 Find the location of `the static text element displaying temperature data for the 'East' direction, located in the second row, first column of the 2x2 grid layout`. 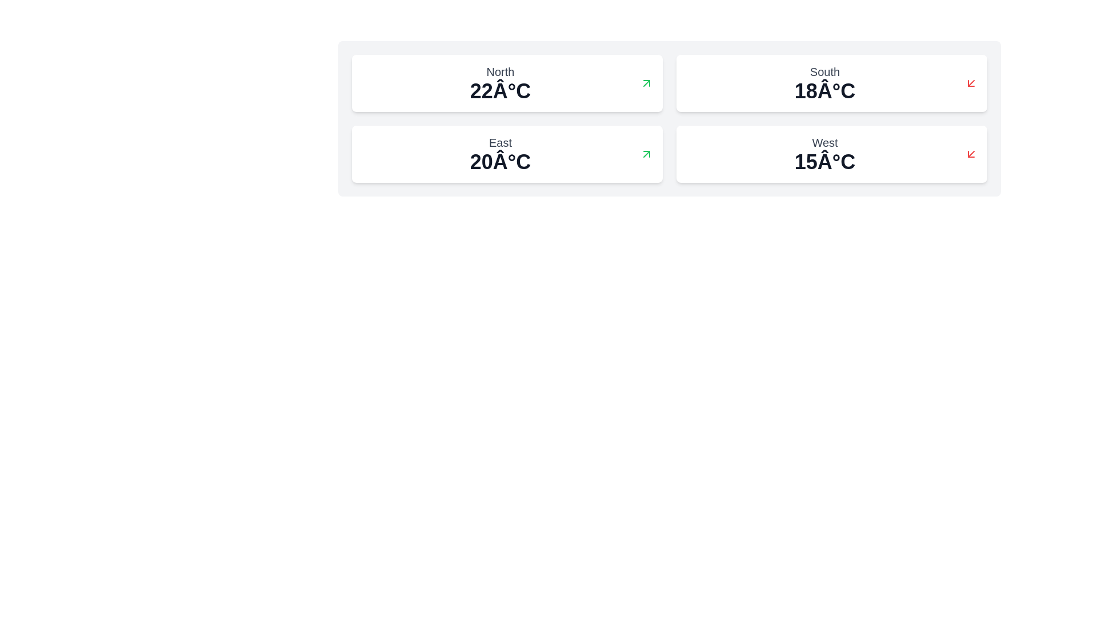

the static text element displaying temperature data for the 'East' direction, located in the second row, first column of the 2x2 grid layout is located at coordinates (500, 162).